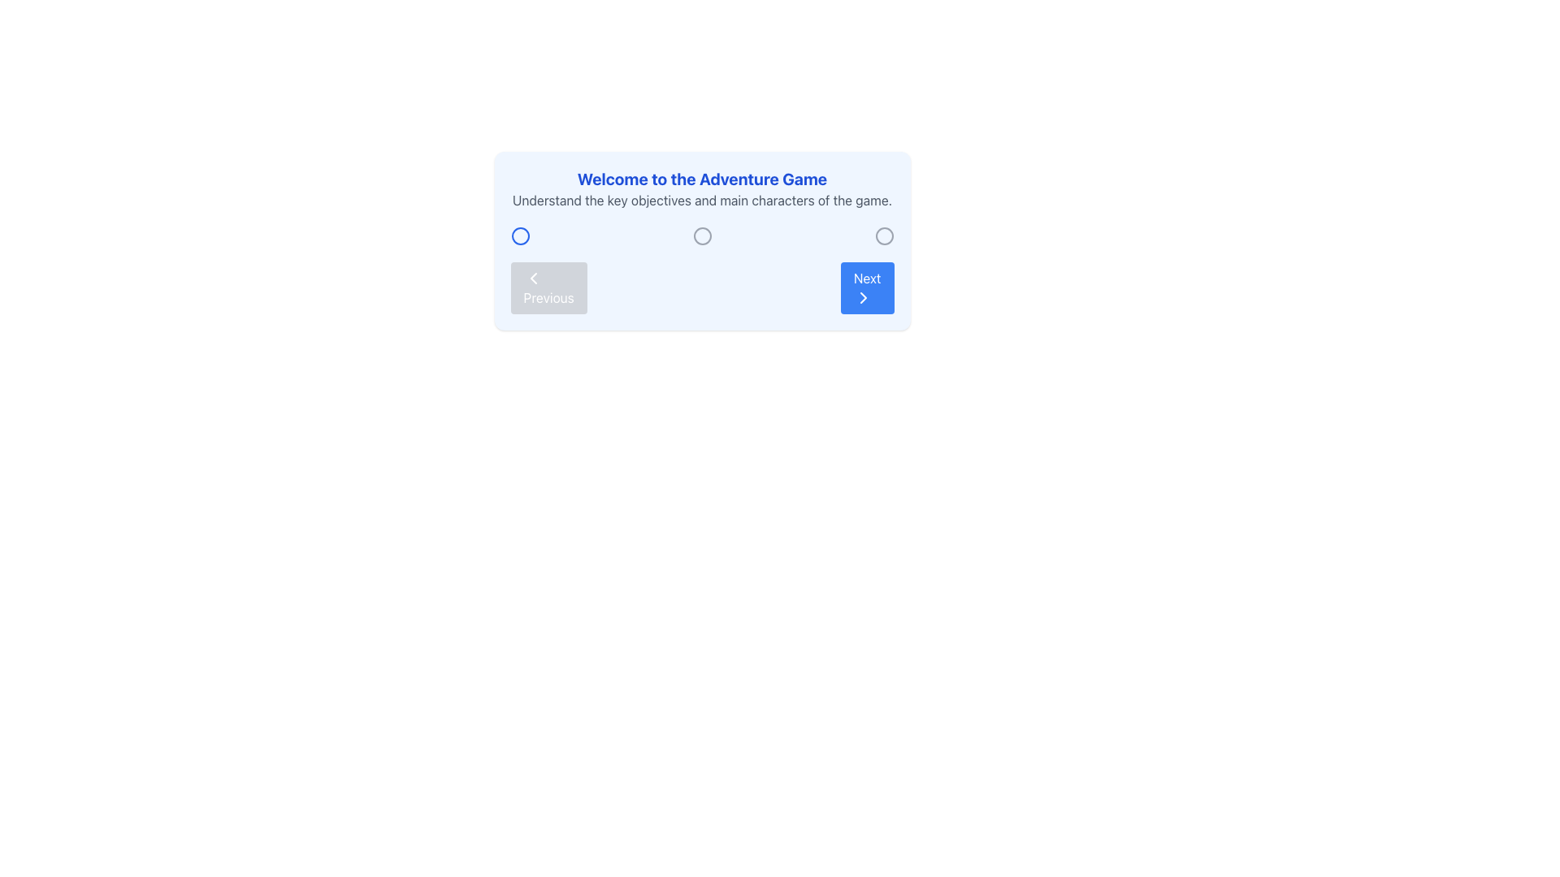  Describe the element at coordinates (702, 235) in the screenshot. I see `the second circular icon of the progress indicator located within the card titled 'Welcome to the Adventure Game', which is positioned between the 'Previous' and 'Next' buttons` at that location.